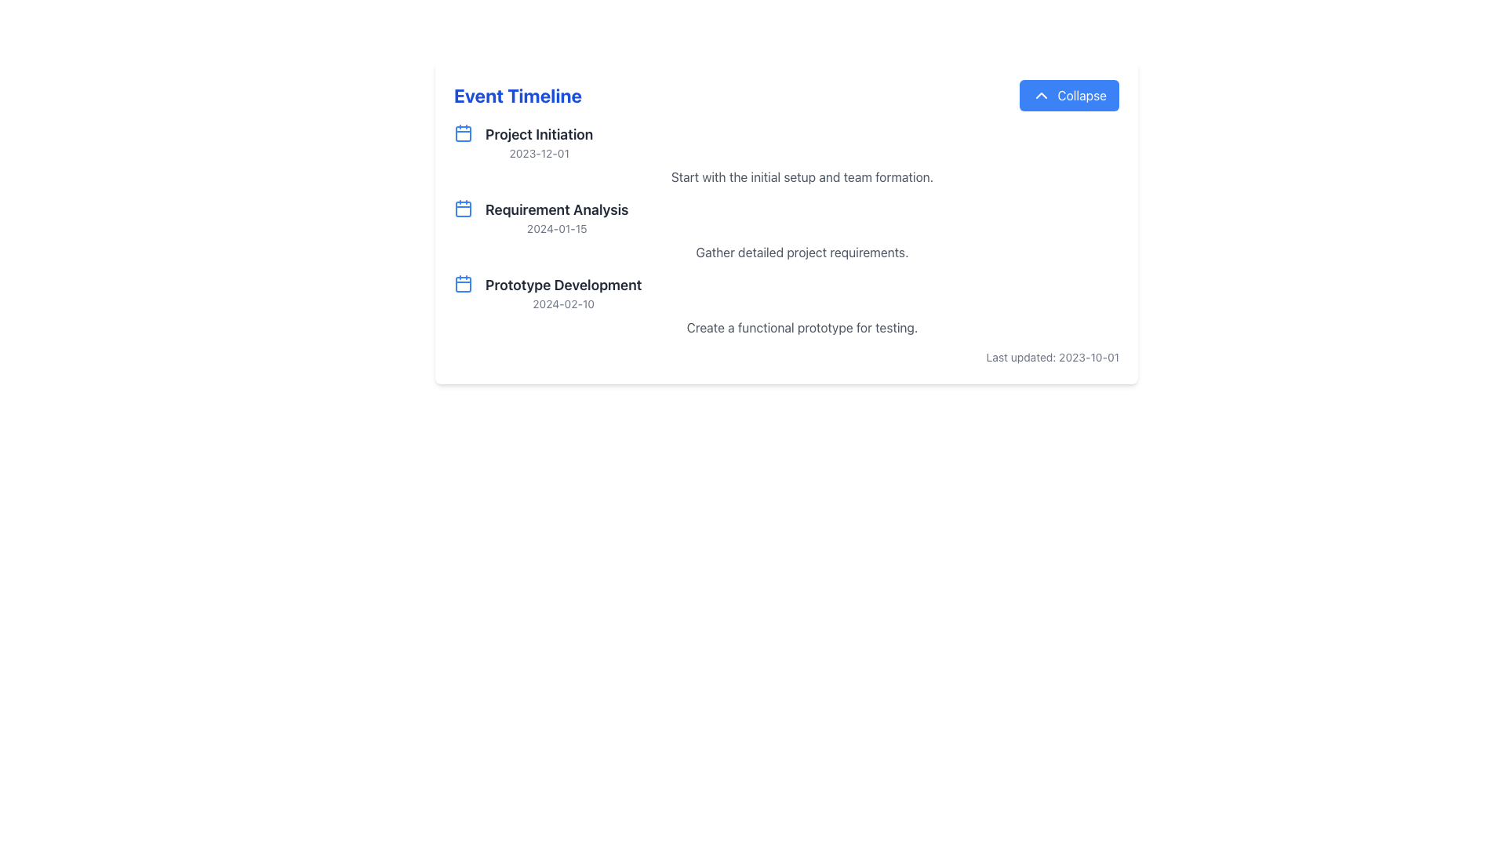  I want to click on the blue rectangular 'Collapse' button with a white upward arrow icon located in the top-right area of the 'Event Timeline' header section, so click(1068, 96).